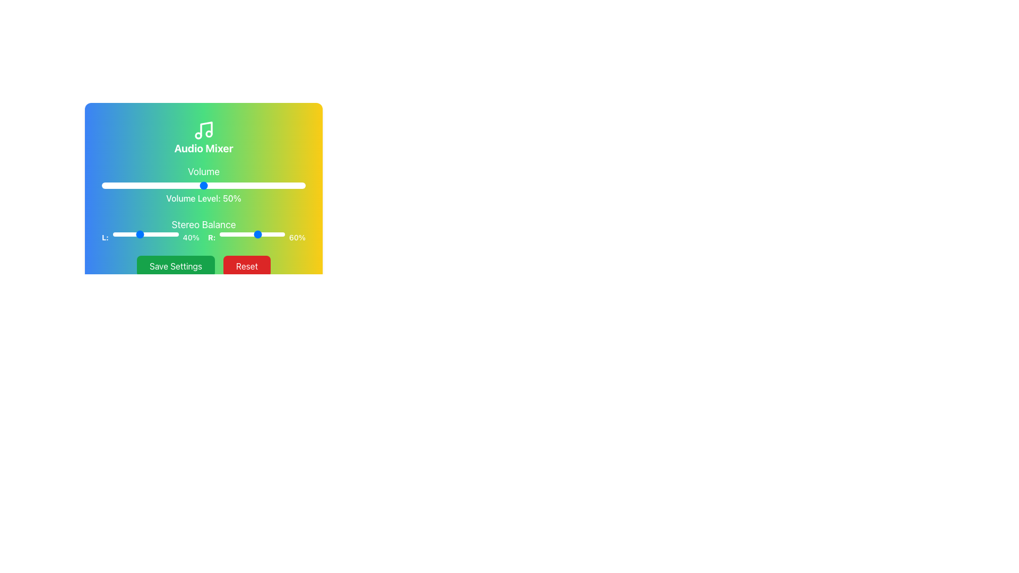 The height and width of the screenshot is (573, 1019). What do you see at coordinates (284, 234) in the screenshot?
I see `the stereo balance` at bounding box center [284, 234].